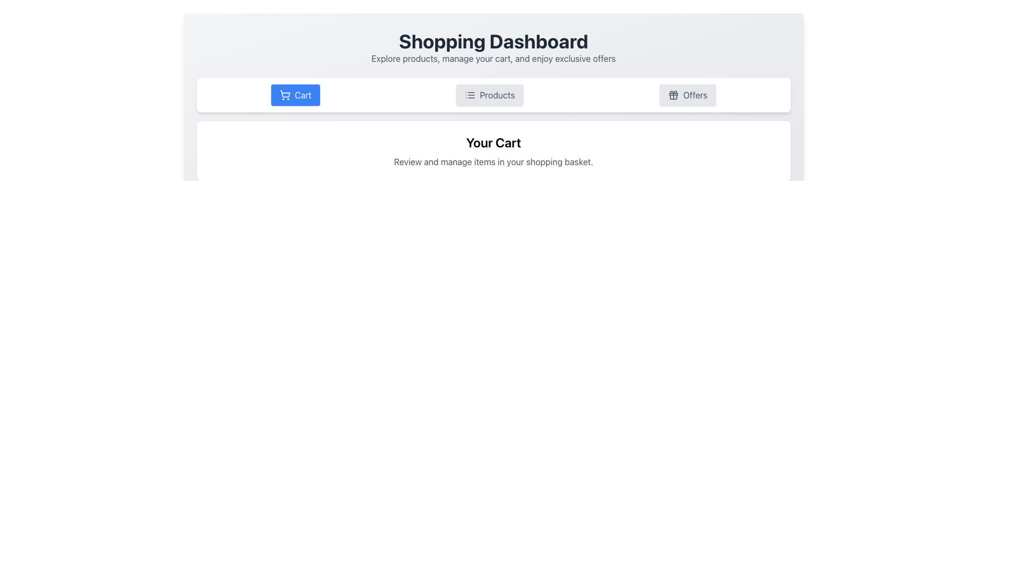 The height and width of the screenshot is (581, 1033). I want to click on the shopping cart icon located to the left of the 'Cart' button in the top navigation bar, so click(285, 95).